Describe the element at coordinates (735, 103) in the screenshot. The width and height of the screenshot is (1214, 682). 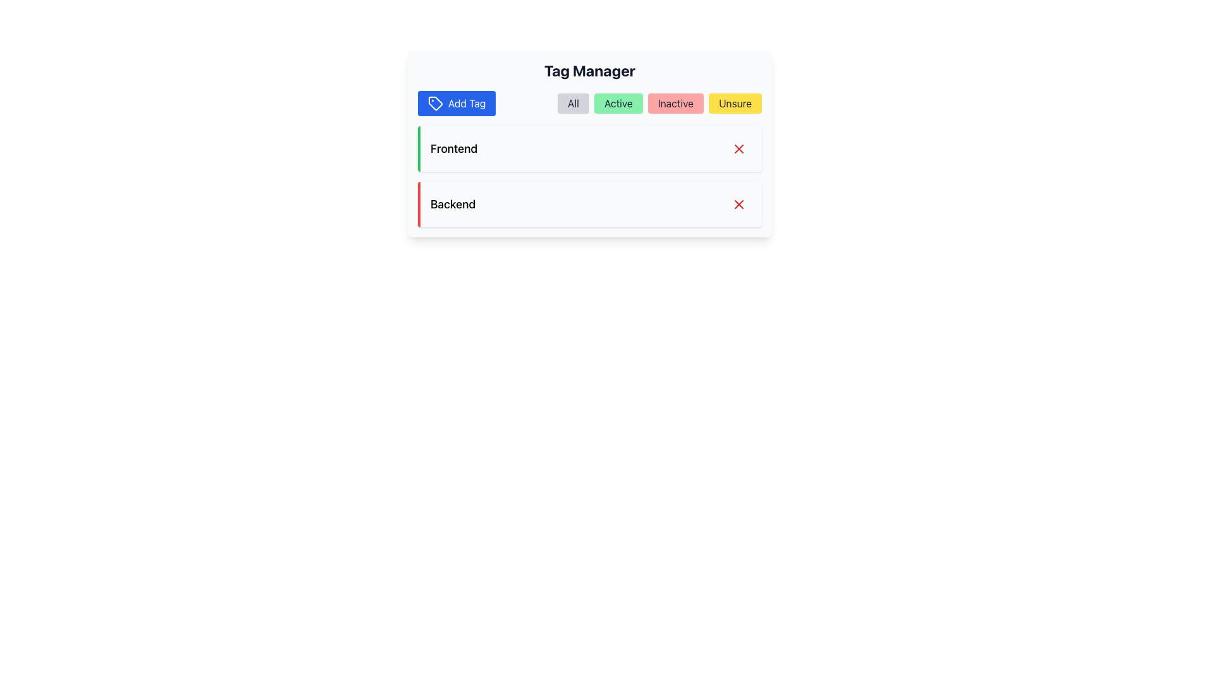
I see `the 'Unsure' toggle button, which is a rectangular button with a bright yellow background and dark gray text, located in the top-right corner of the 'Tag Manager' toolbar` at that location.